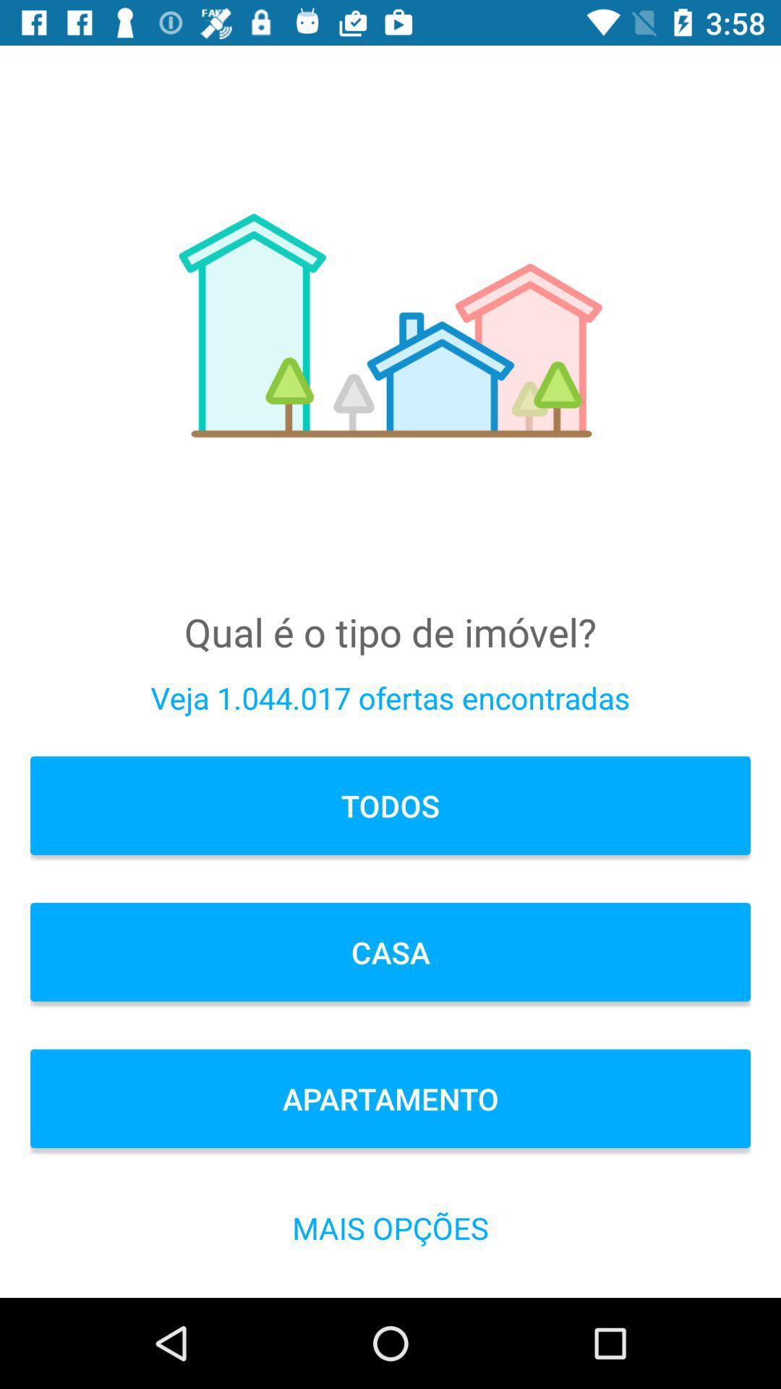  I want to click on apartamento item, so click(390, 1098).